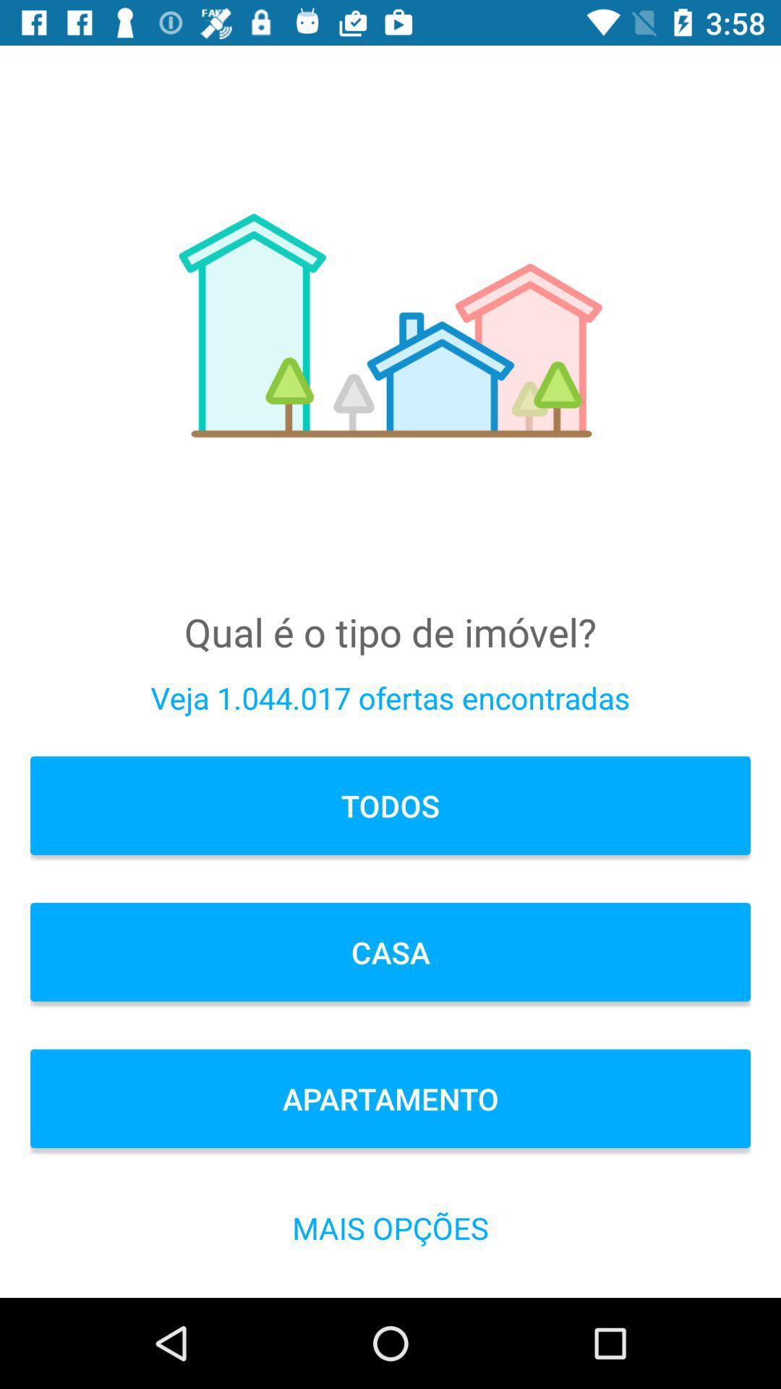  I want to click on apartamento item, so click(390, 1098).